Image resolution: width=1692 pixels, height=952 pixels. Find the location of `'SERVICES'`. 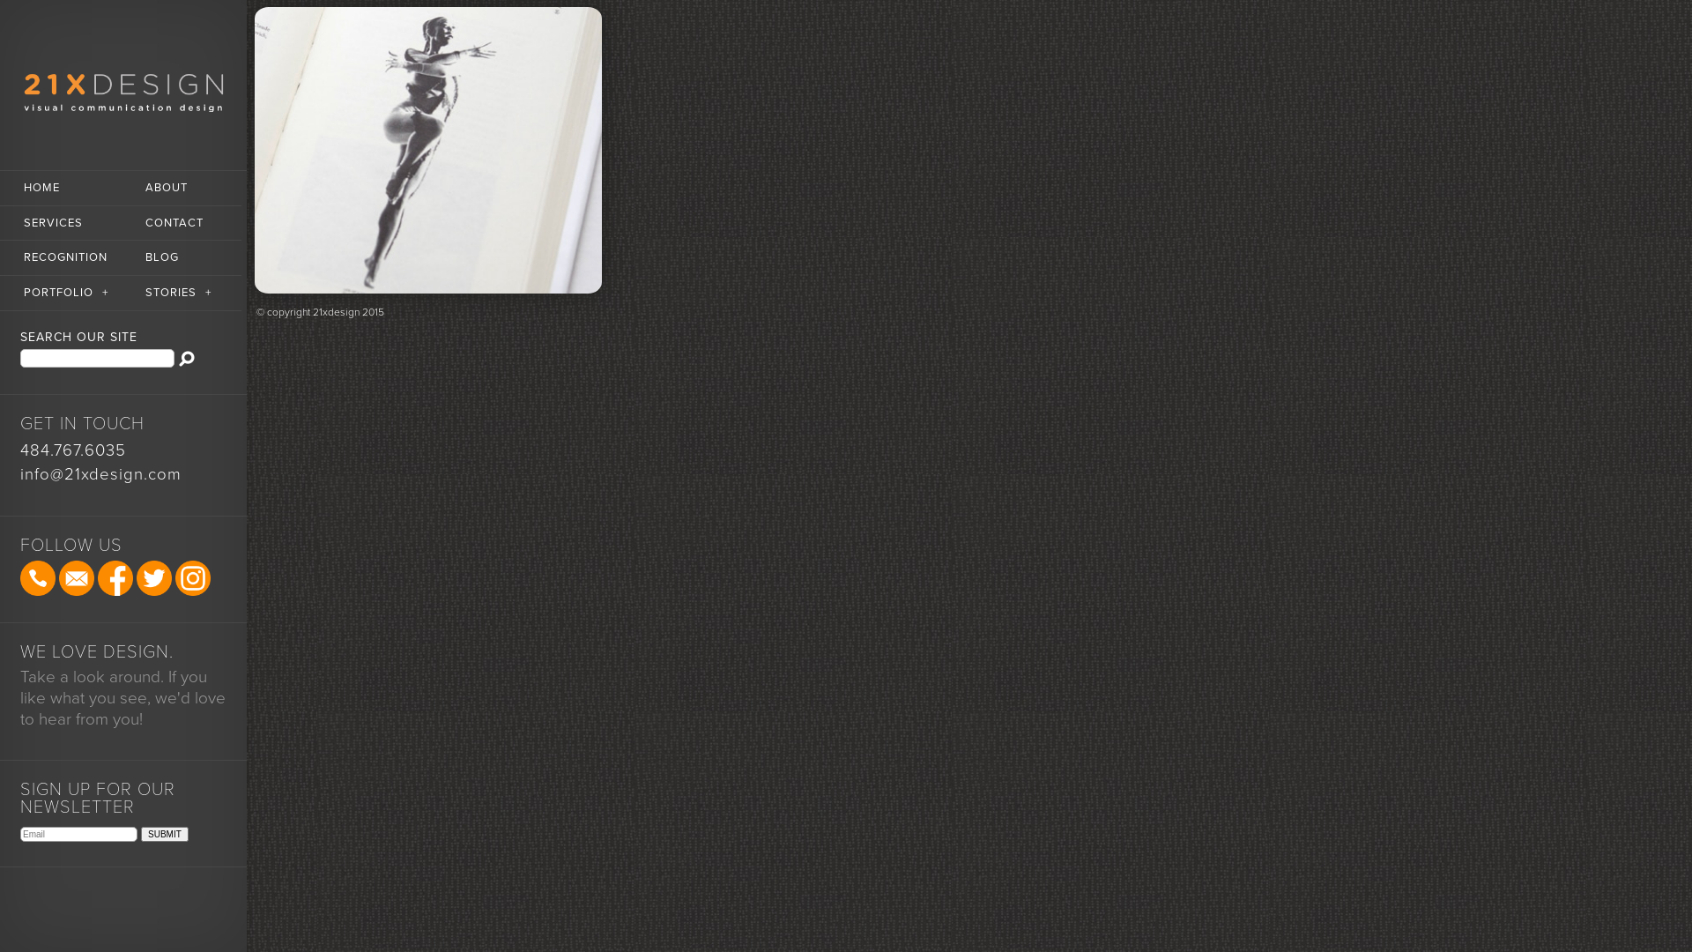

'SERVICES' is located at coordinates (0, 223).